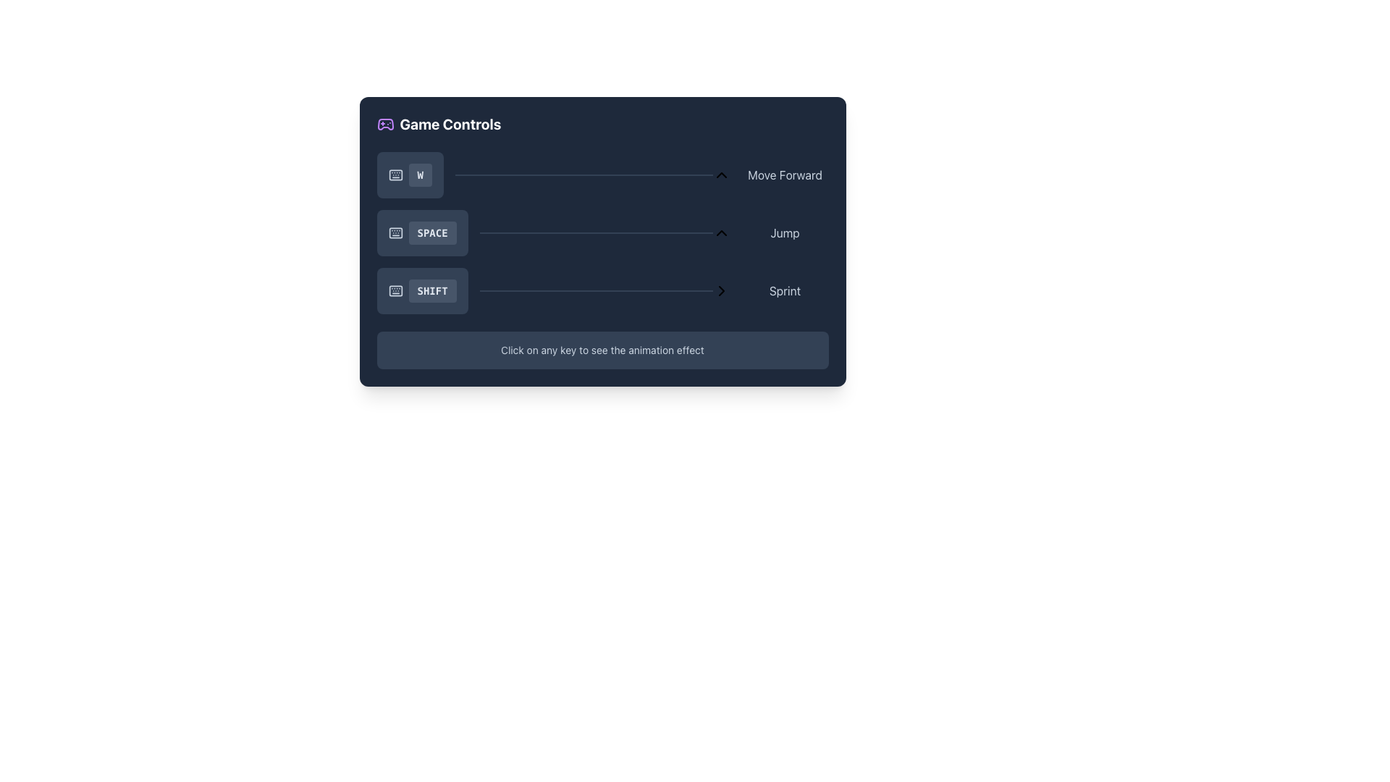 This screenshot has height=782, width=1390. Describe the element at coordinates (419, 175) in the screenshot. I see `the 'W' button located in the top-left corner of the 'Game Controls' section` at that location.